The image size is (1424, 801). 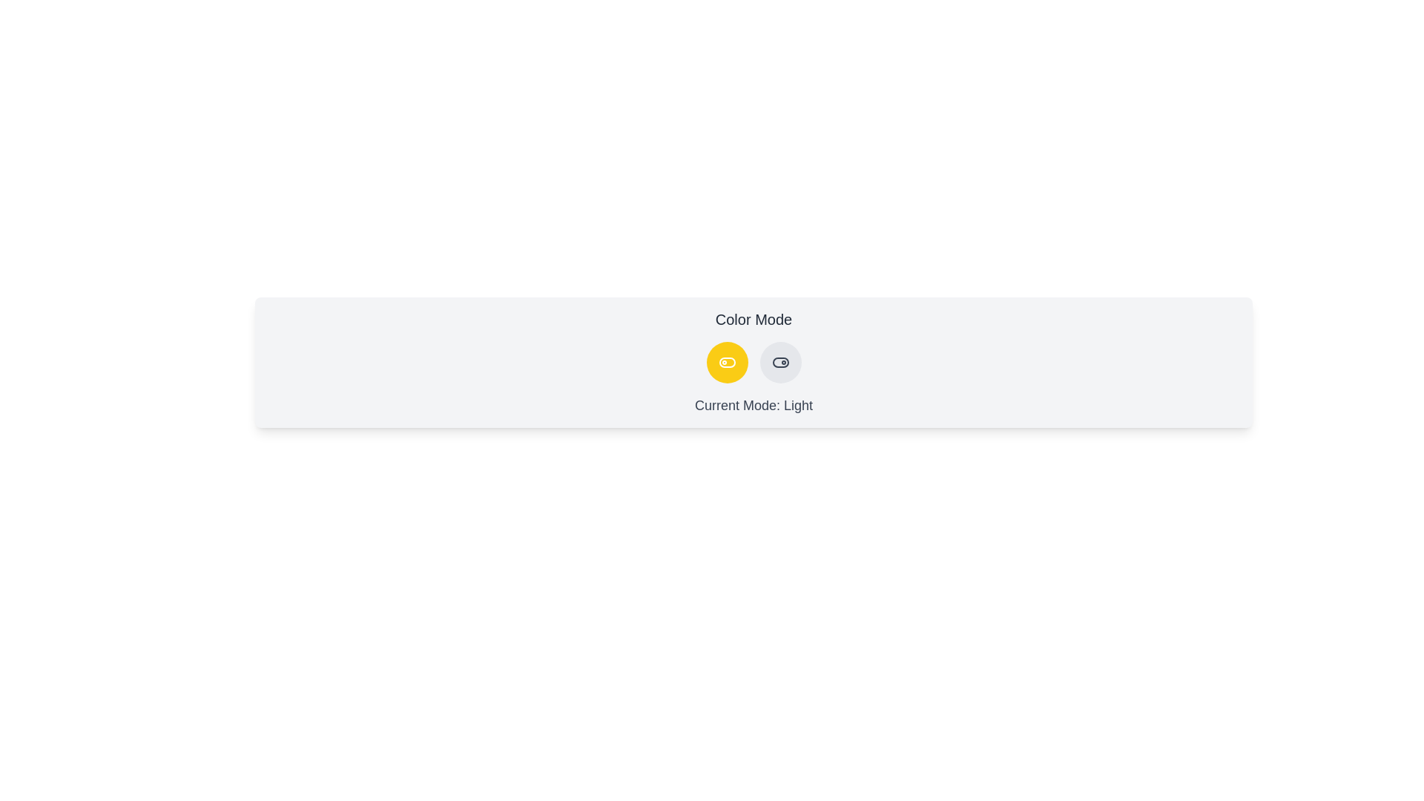 What do you see at coordinates (727, 363) in the screenshot?
I see `the button with mode light` at bounding box center [727, 363].